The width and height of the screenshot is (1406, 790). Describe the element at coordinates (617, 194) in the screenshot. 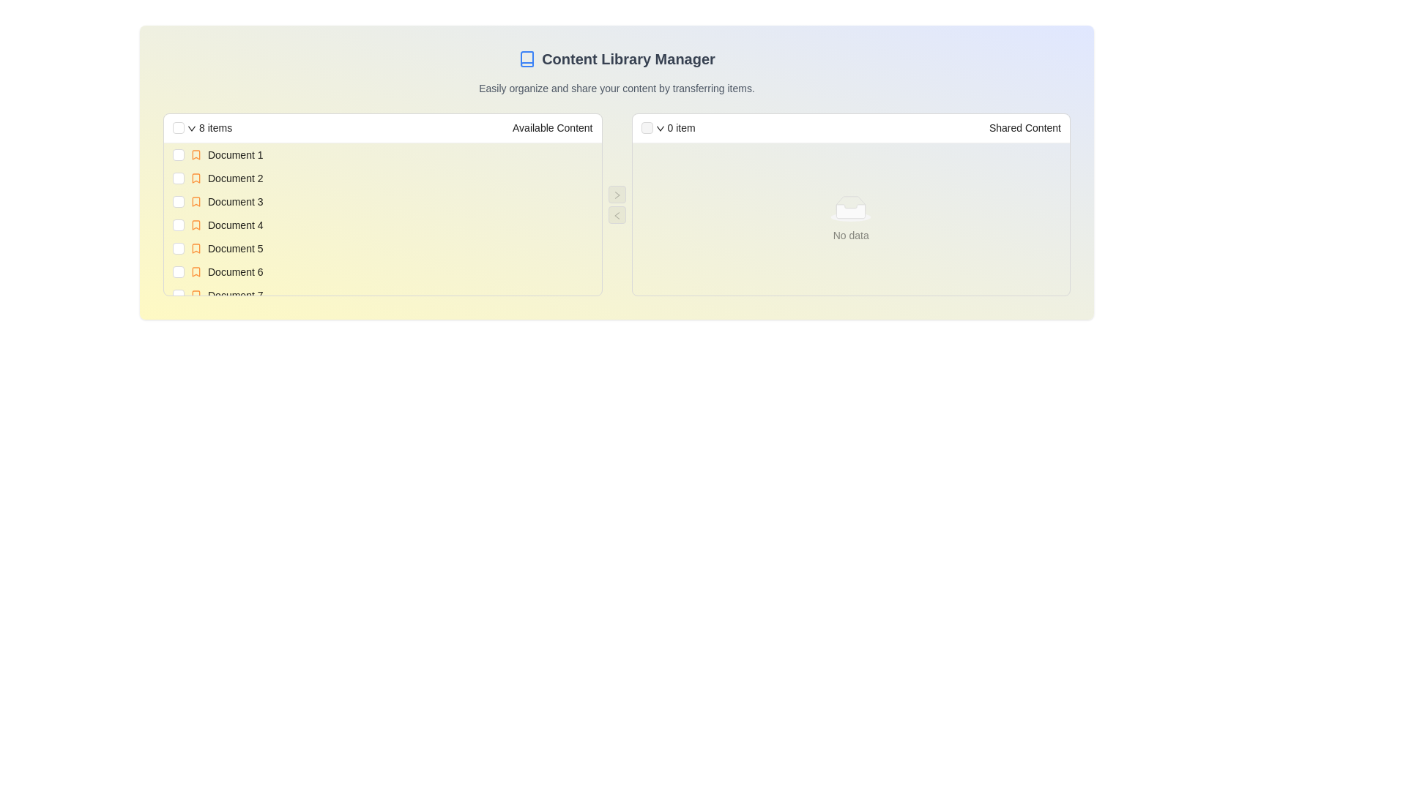

I see `the transfer button located centrally between the 'Available Content' and 'Shared Content' lists` at that location.